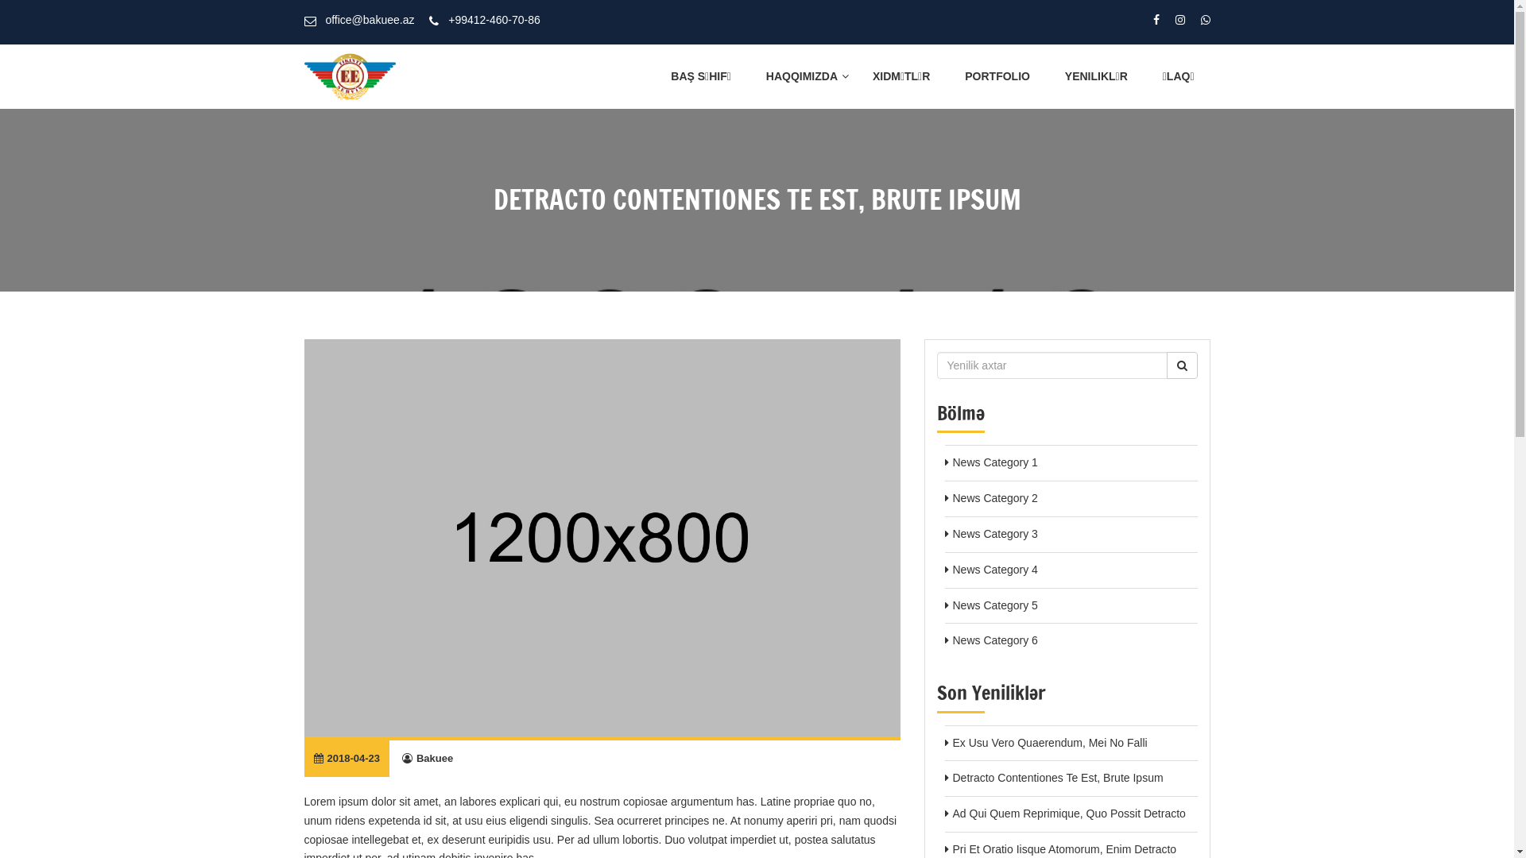 This screenshot has height=858, width=1526. Describe the element at coordinates (1068, 813) in the screenshot. I see `'Ad Qui Quem Reprimique, Quo Possit Detracto'` at that location.